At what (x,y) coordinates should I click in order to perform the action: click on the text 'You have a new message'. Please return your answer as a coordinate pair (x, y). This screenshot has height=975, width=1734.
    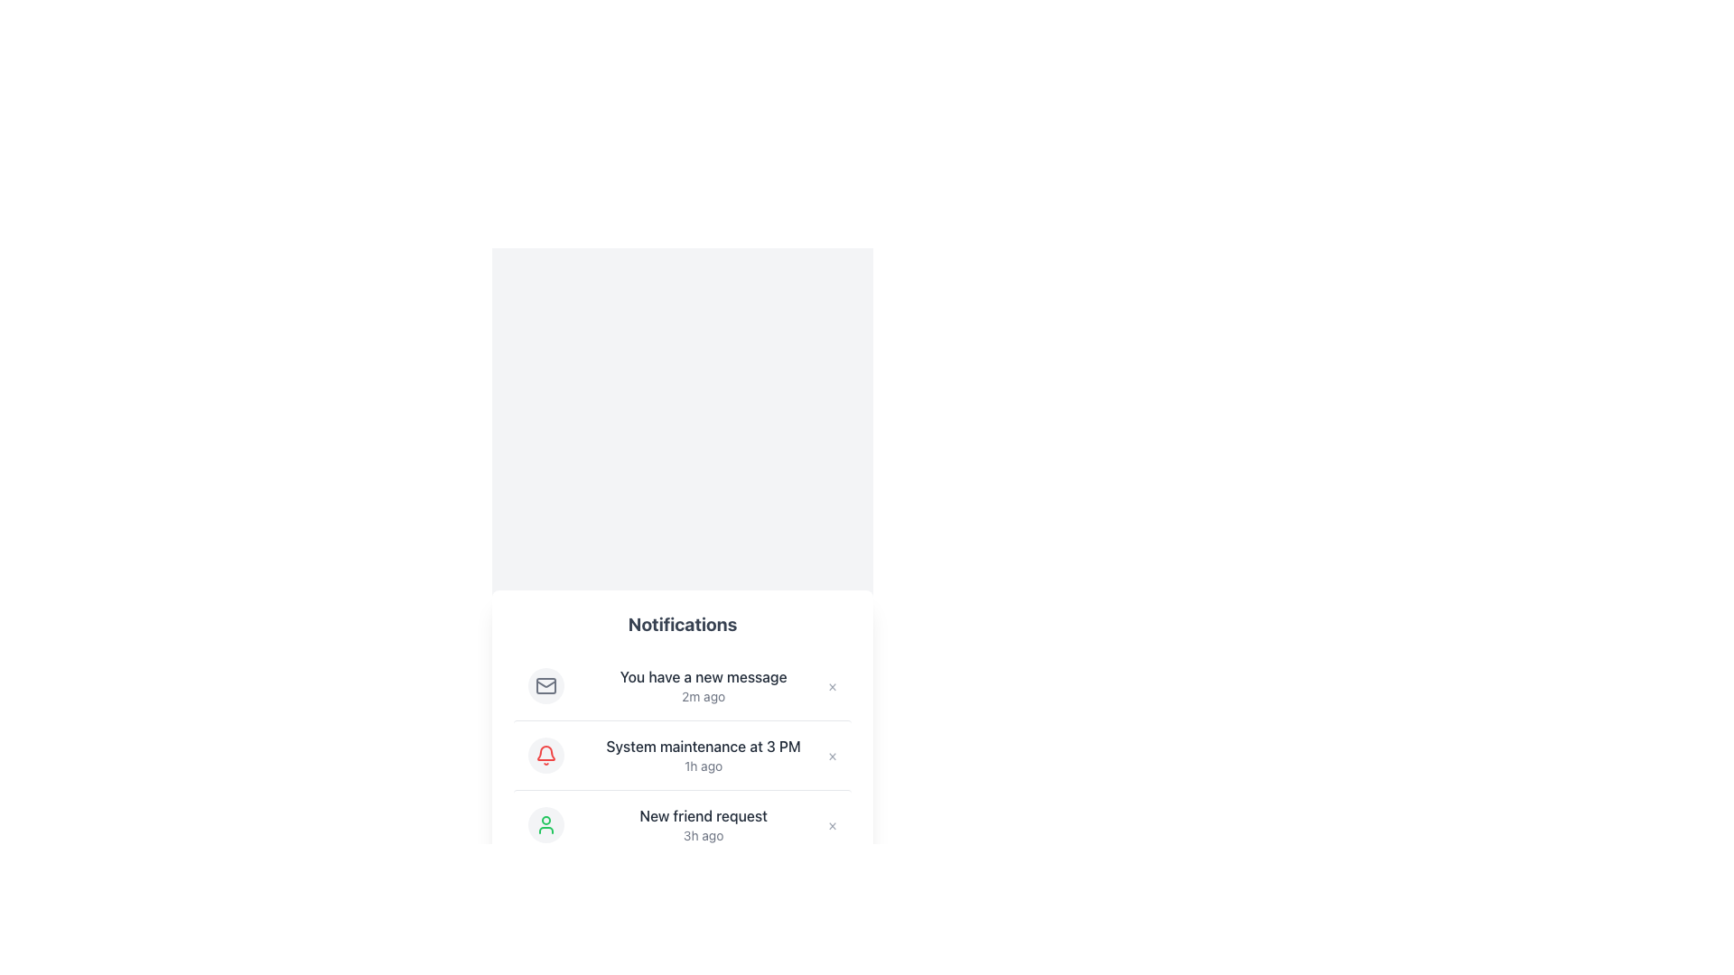
    Looking at the image, I should click on (703, 676).